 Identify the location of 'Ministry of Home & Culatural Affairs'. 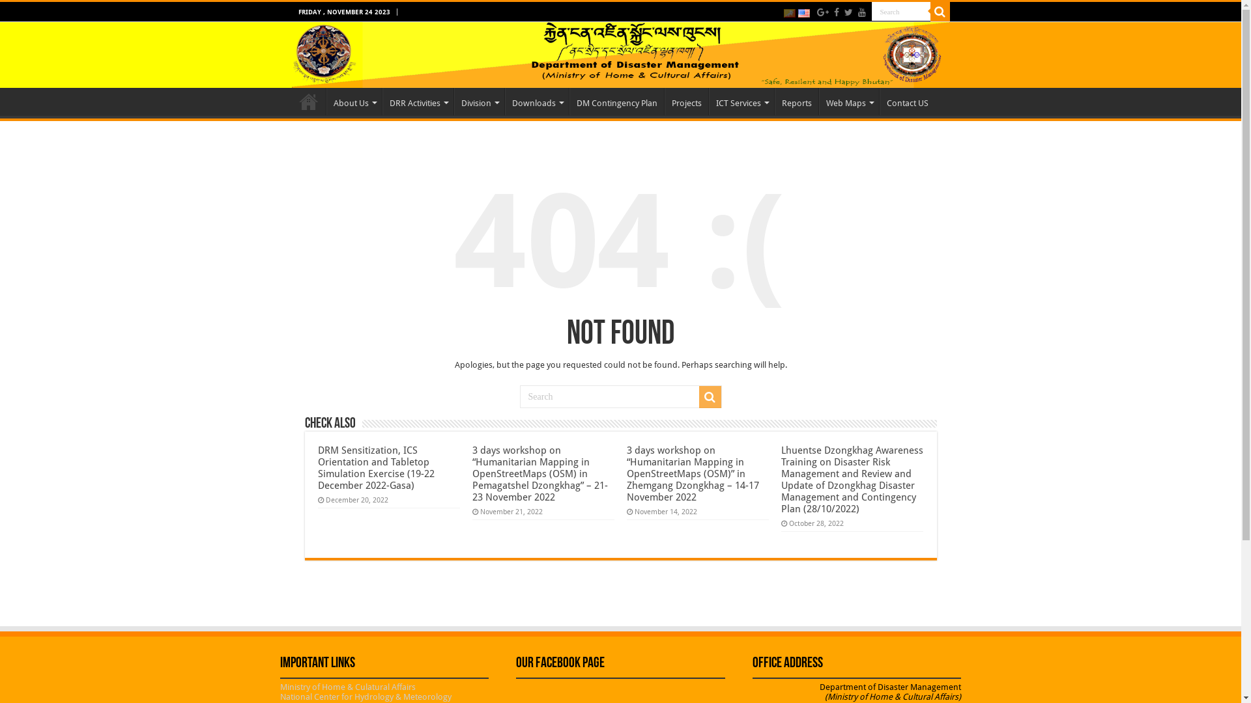
(347, 686).